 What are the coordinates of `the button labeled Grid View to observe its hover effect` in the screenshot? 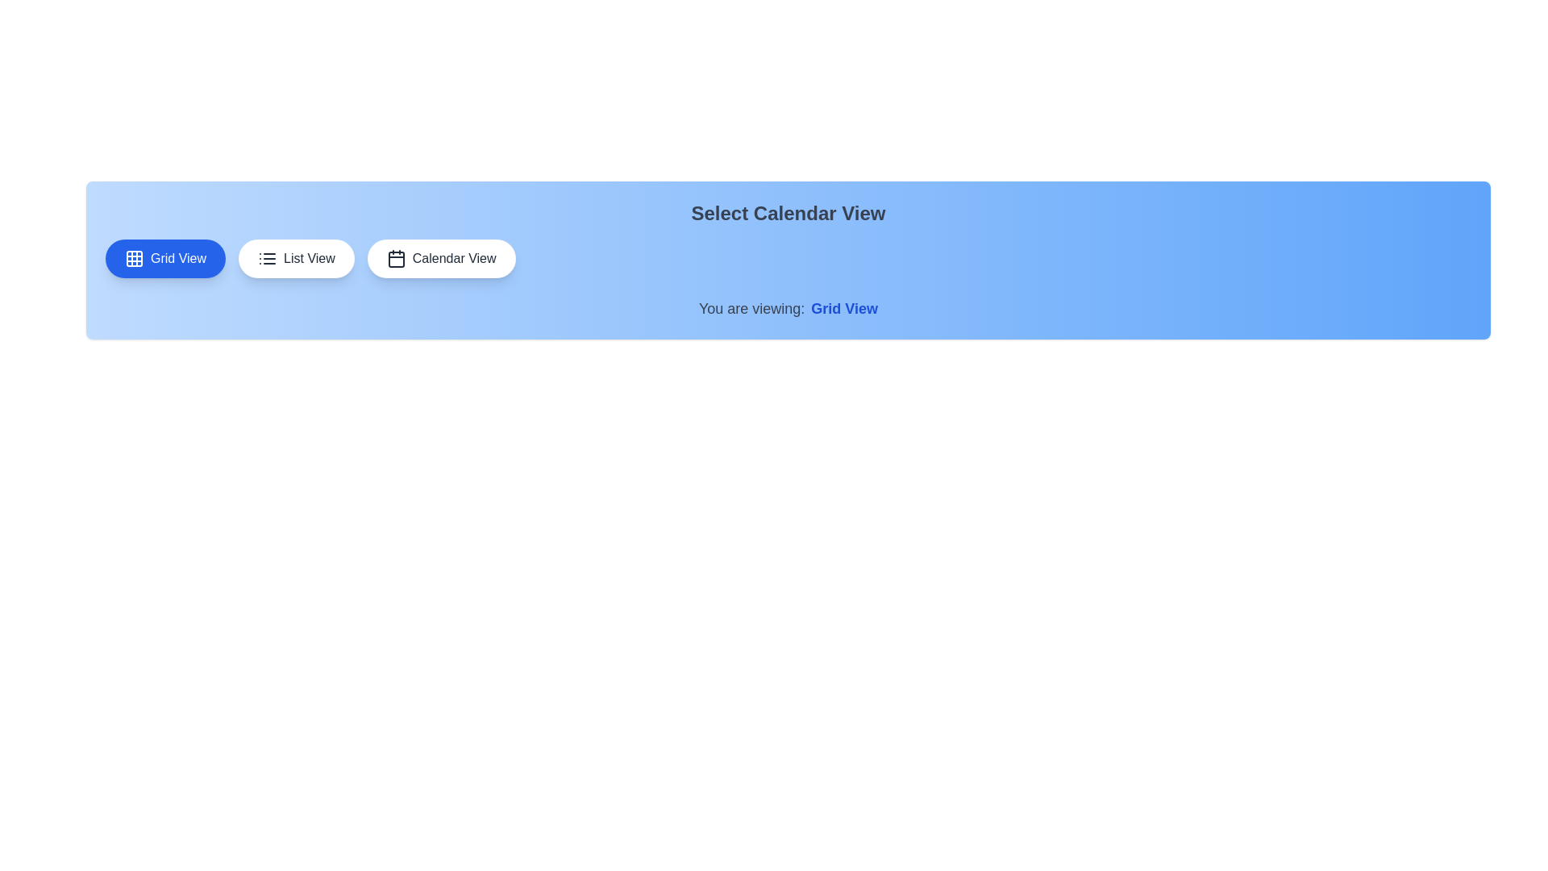 It's located at (165, 257).